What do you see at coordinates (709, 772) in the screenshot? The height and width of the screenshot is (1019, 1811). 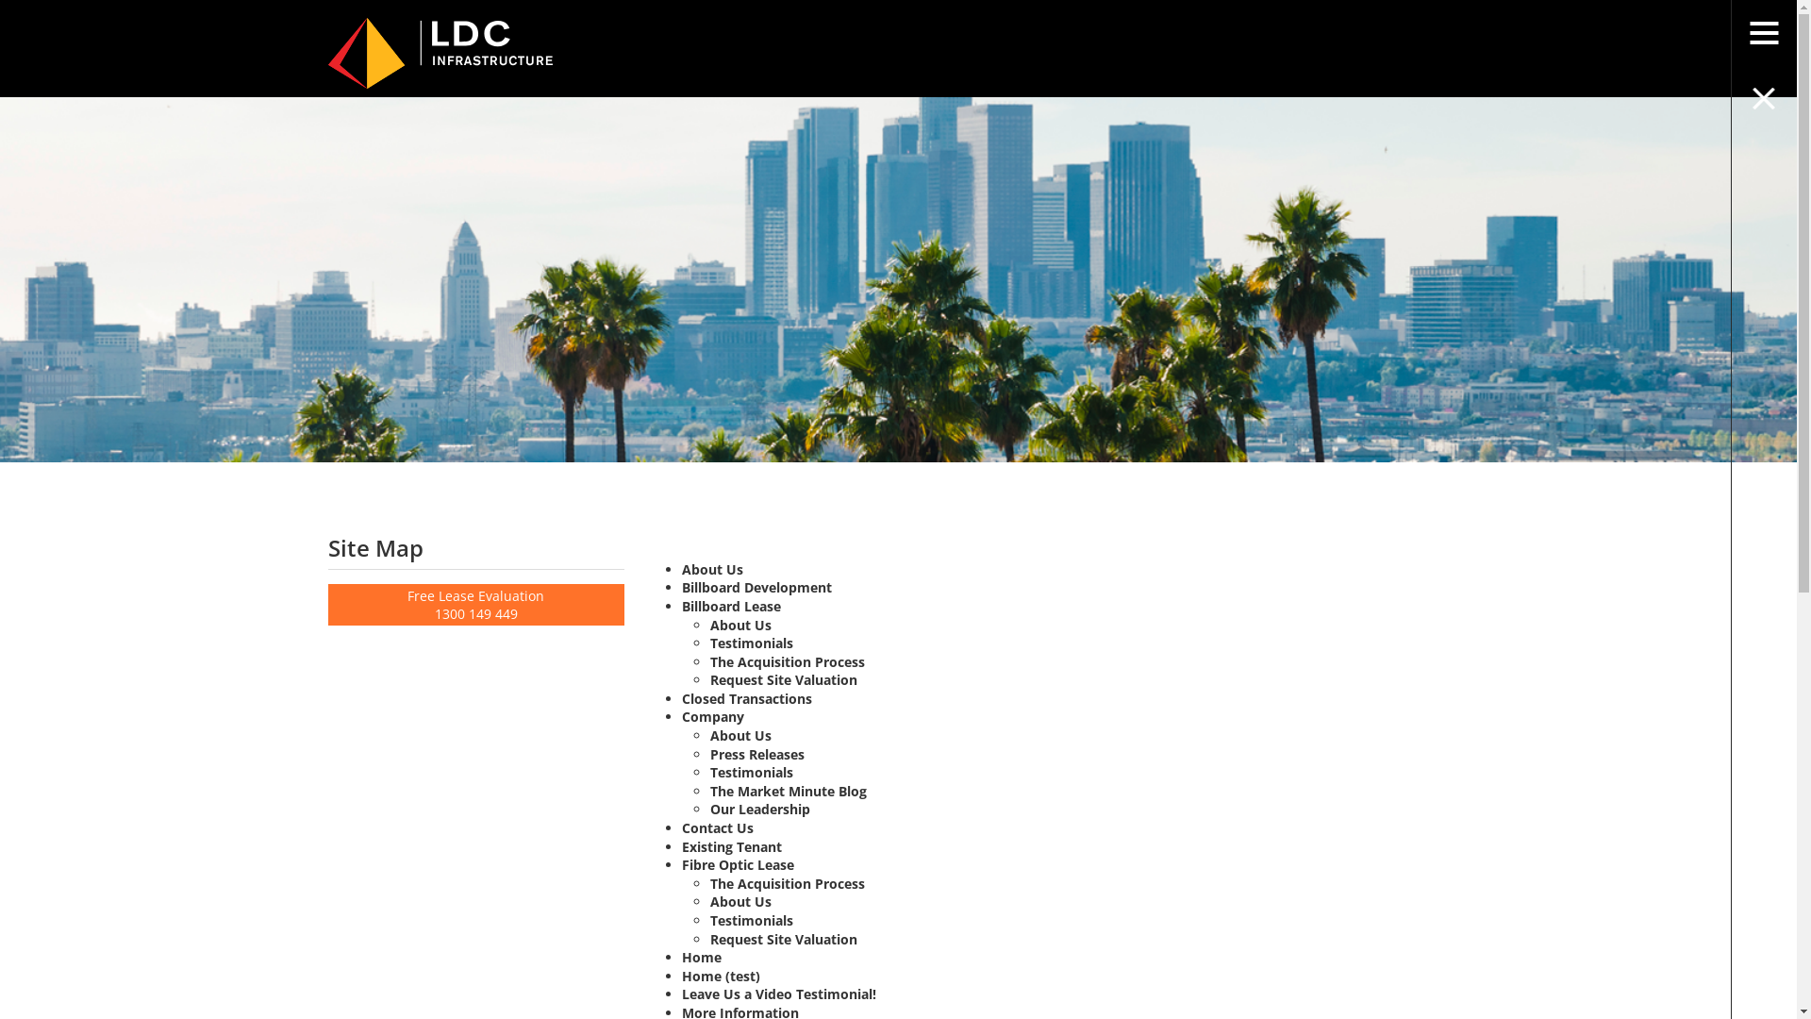 I see `'Testimonials'` at bounding box center [709, 772].